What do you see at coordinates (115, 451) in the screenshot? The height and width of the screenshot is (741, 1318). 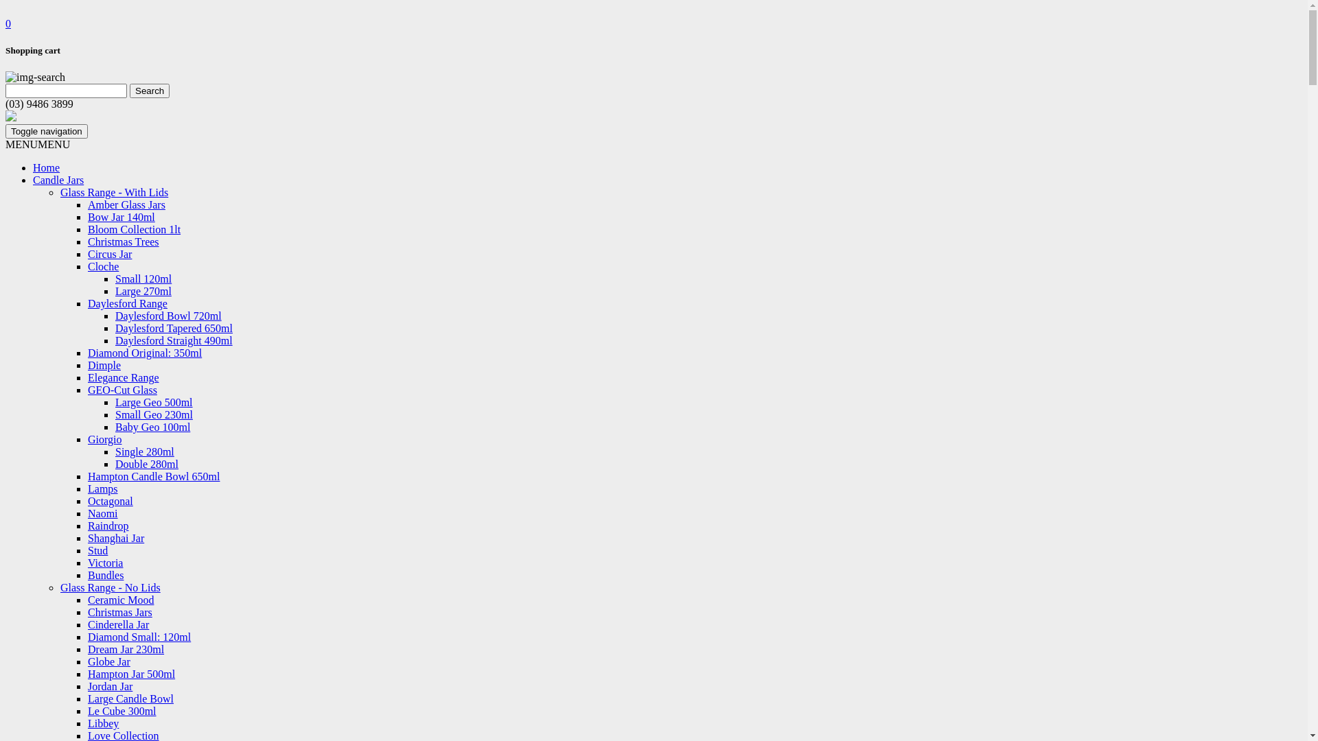 I see `'Single 280ml'` at bounding box center [115, 451].